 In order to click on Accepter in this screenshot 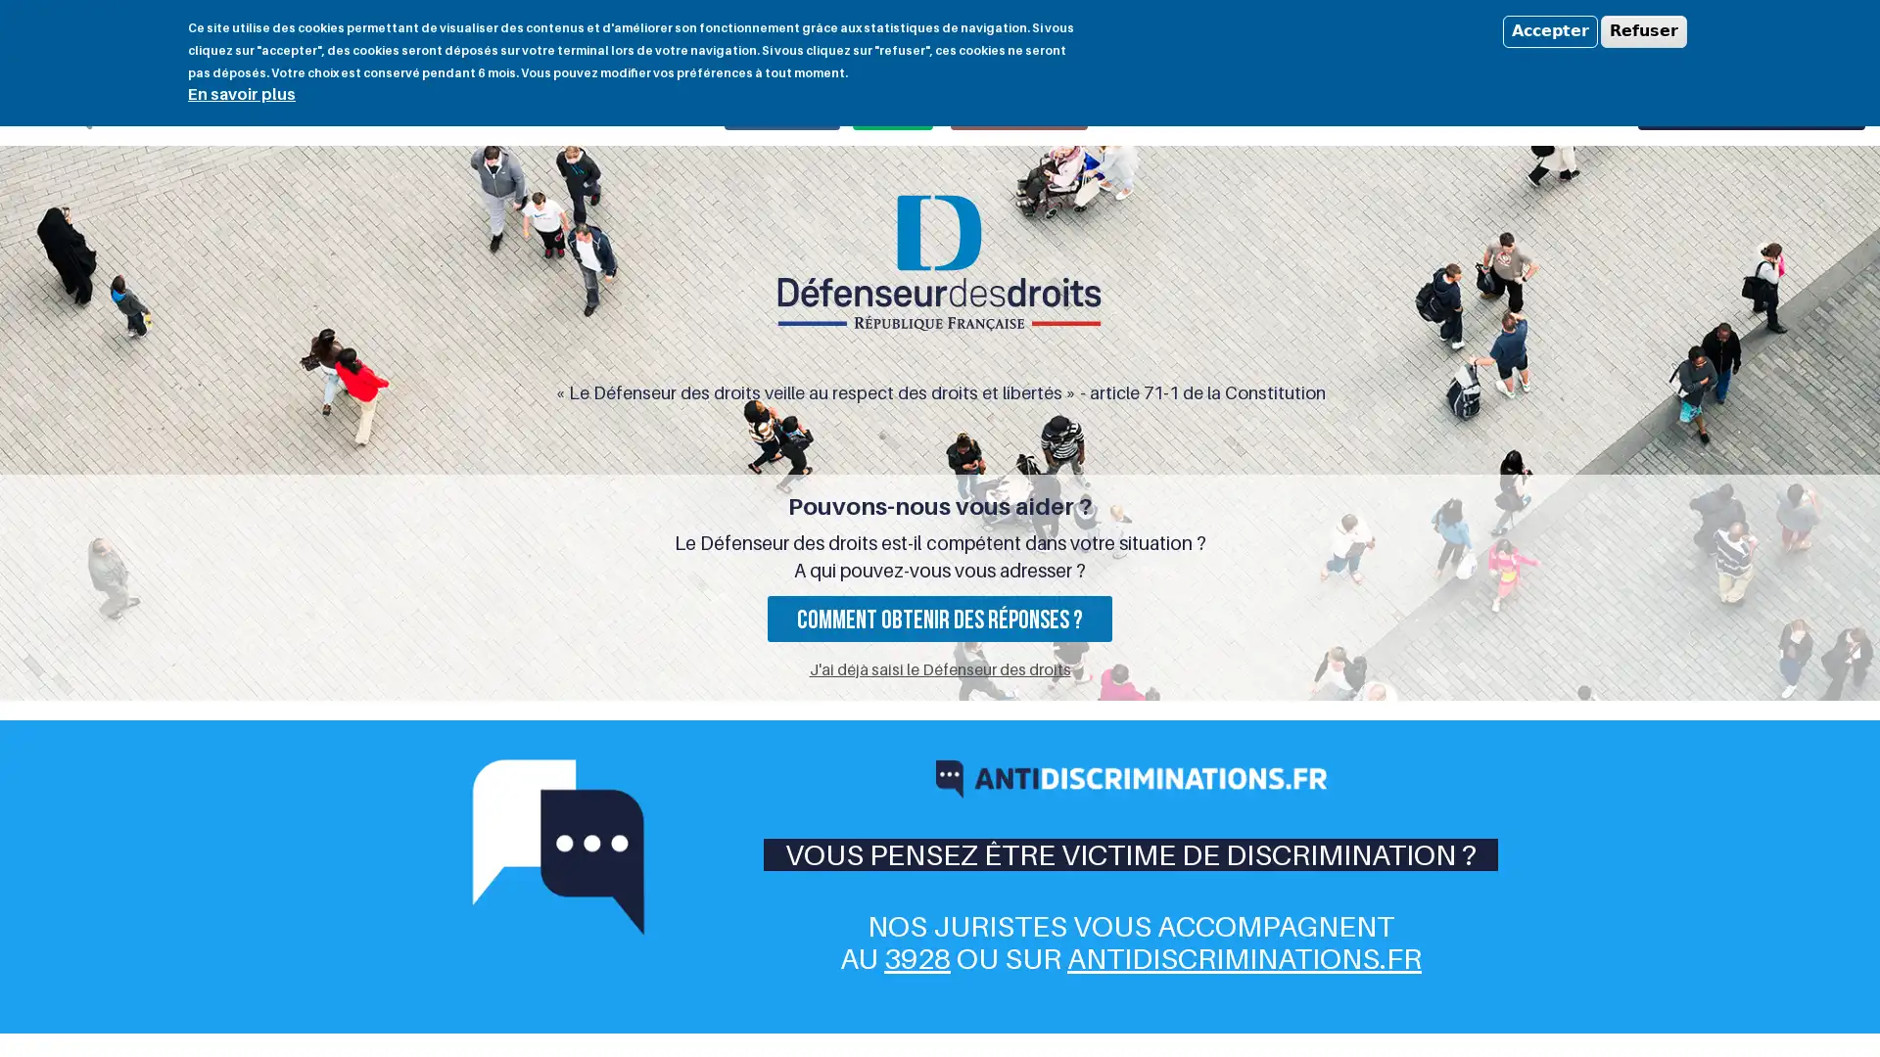, I will do `click(1549, 30)`.